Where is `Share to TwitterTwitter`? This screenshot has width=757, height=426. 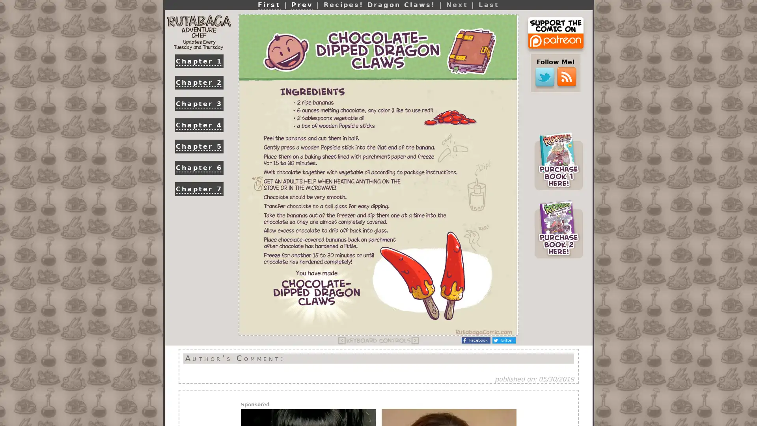 Share to TwitterTwitter is located at coordinates (503, 340).